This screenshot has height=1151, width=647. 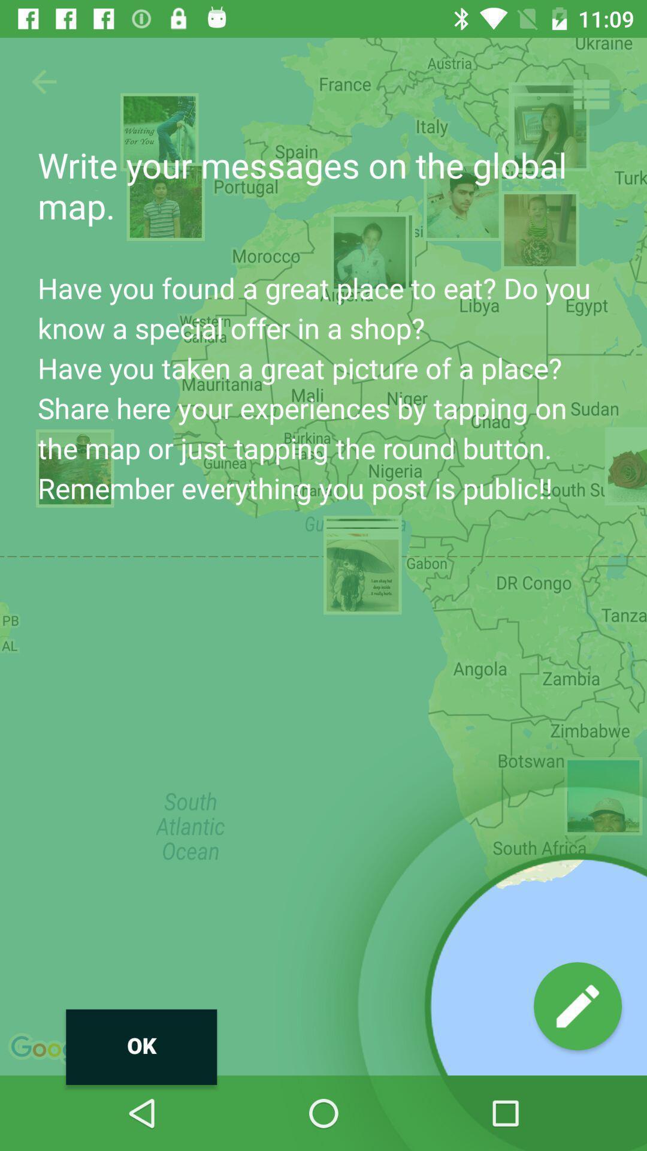 What do you see at coordinates (577, 1006) in the screenshot?
I see `the edit icon` at bounding box center [577, 1006].